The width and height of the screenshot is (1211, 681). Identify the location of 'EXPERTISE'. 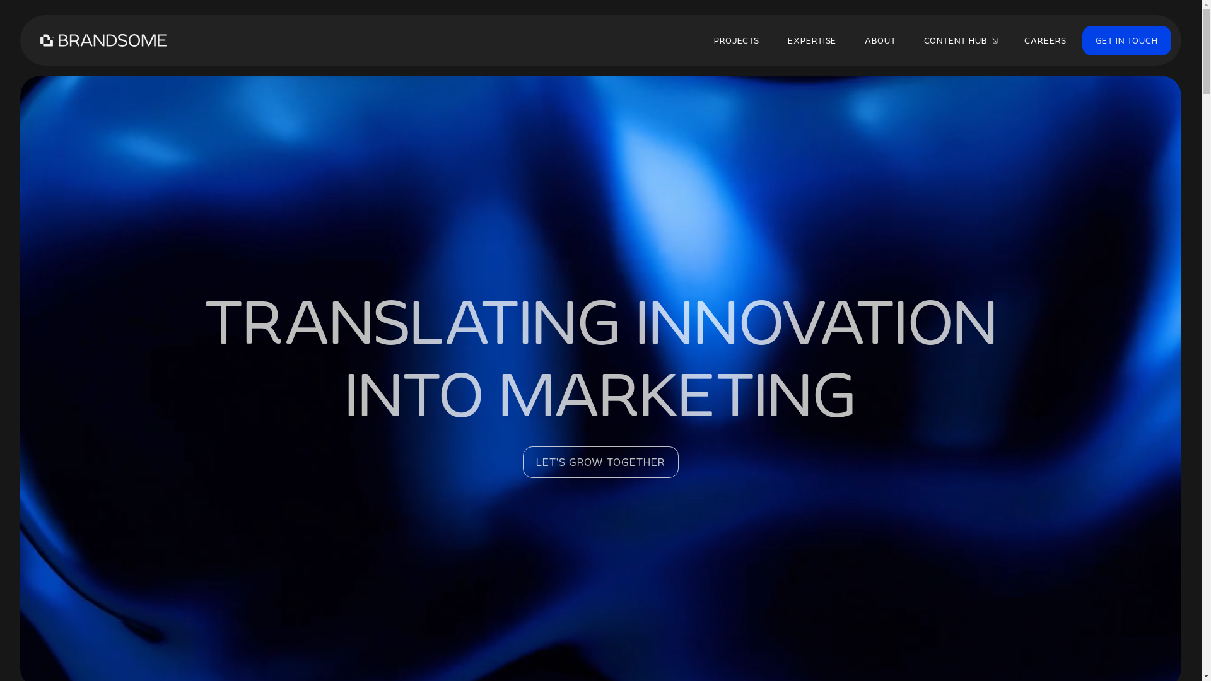
(812, 40).